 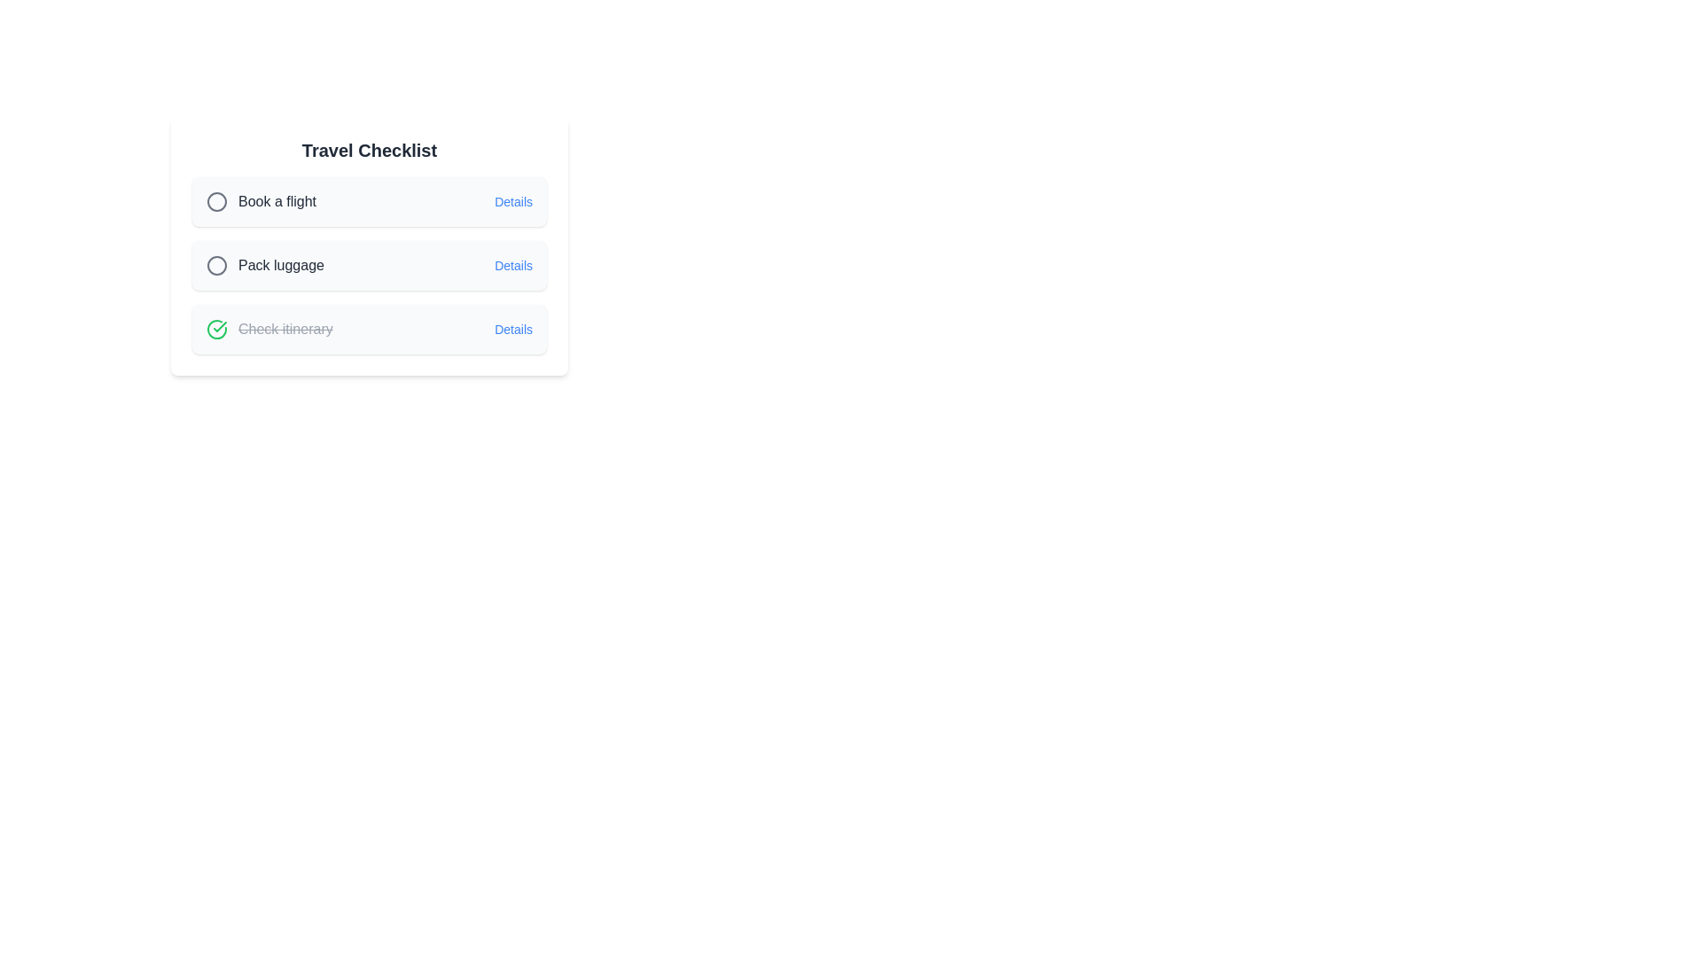 I want to click on the middle item in the travel checklist, which is a rectangular section with a white background and rounded corners, positioned between 'Book a flight' and 'Check itinerary', so click(x=369, y=250).